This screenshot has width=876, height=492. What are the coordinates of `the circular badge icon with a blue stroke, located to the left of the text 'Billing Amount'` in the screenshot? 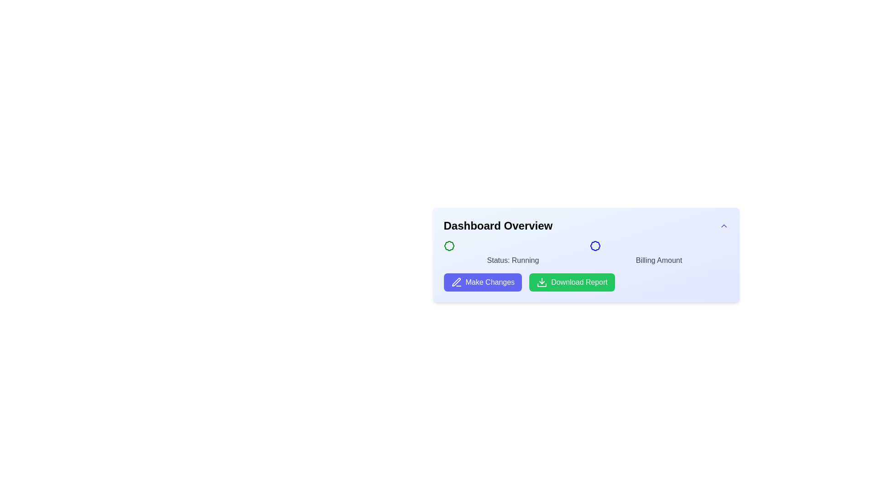 It's located at (595, 246).